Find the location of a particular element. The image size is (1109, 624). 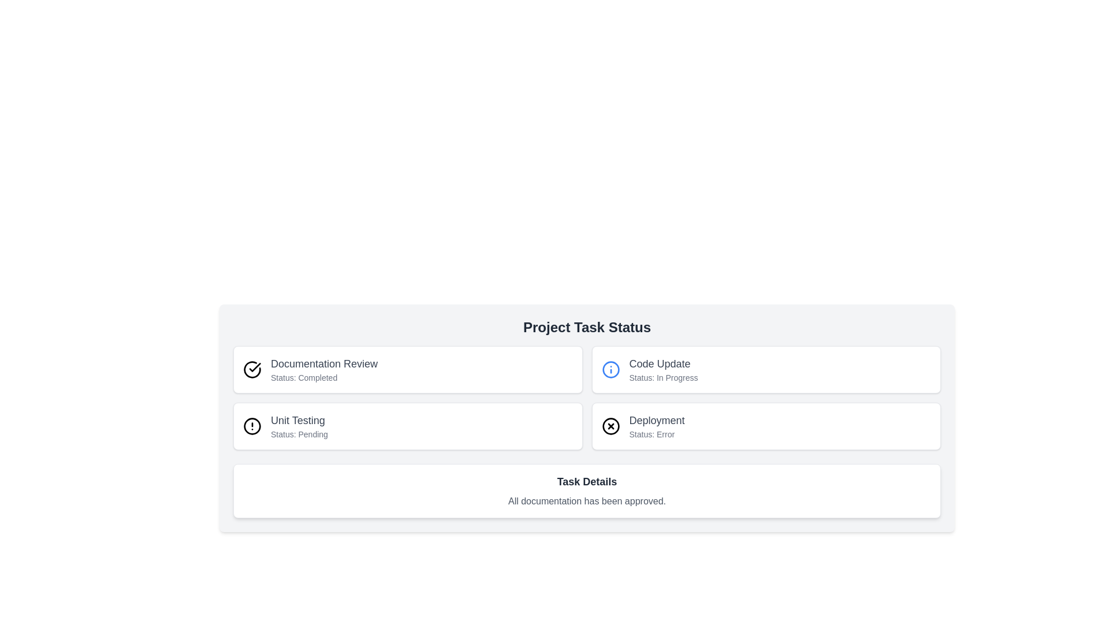

the static text label displaying 'All documentation has been approved.' located below the 'Task Details' heading in the 'Project Task Status' panel is located at coordinates (587, 500).